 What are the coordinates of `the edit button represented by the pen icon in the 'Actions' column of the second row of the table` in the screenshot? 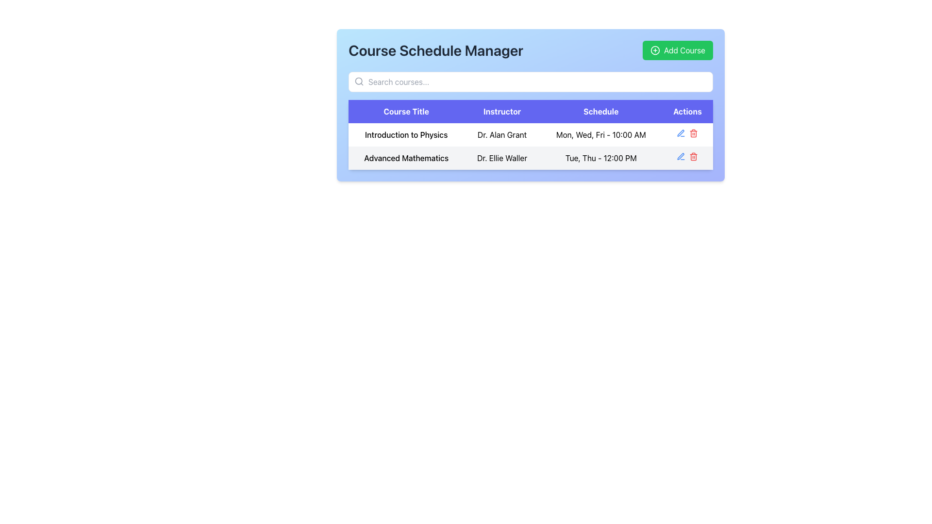 It's located at (681, 133).